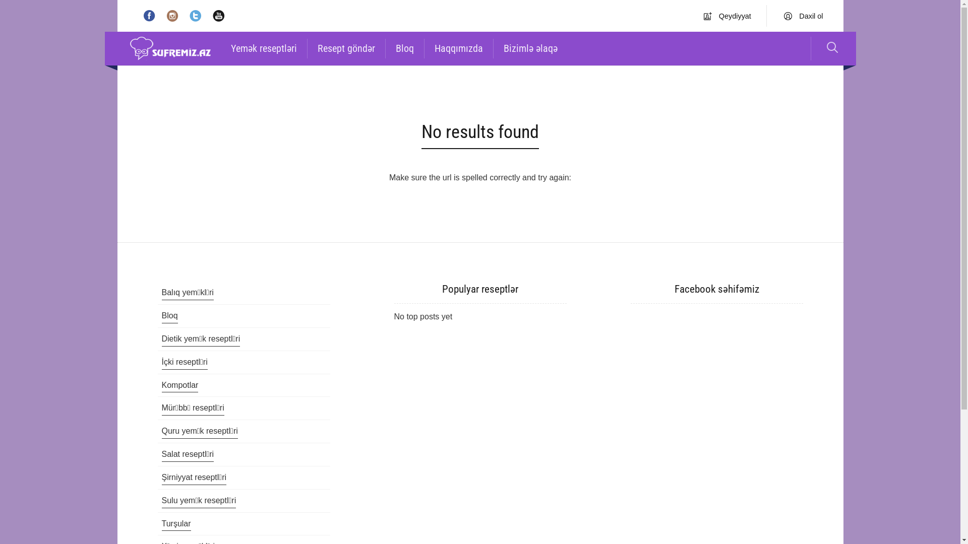  I want to click on 'Kompotlar', so click(179, 386).